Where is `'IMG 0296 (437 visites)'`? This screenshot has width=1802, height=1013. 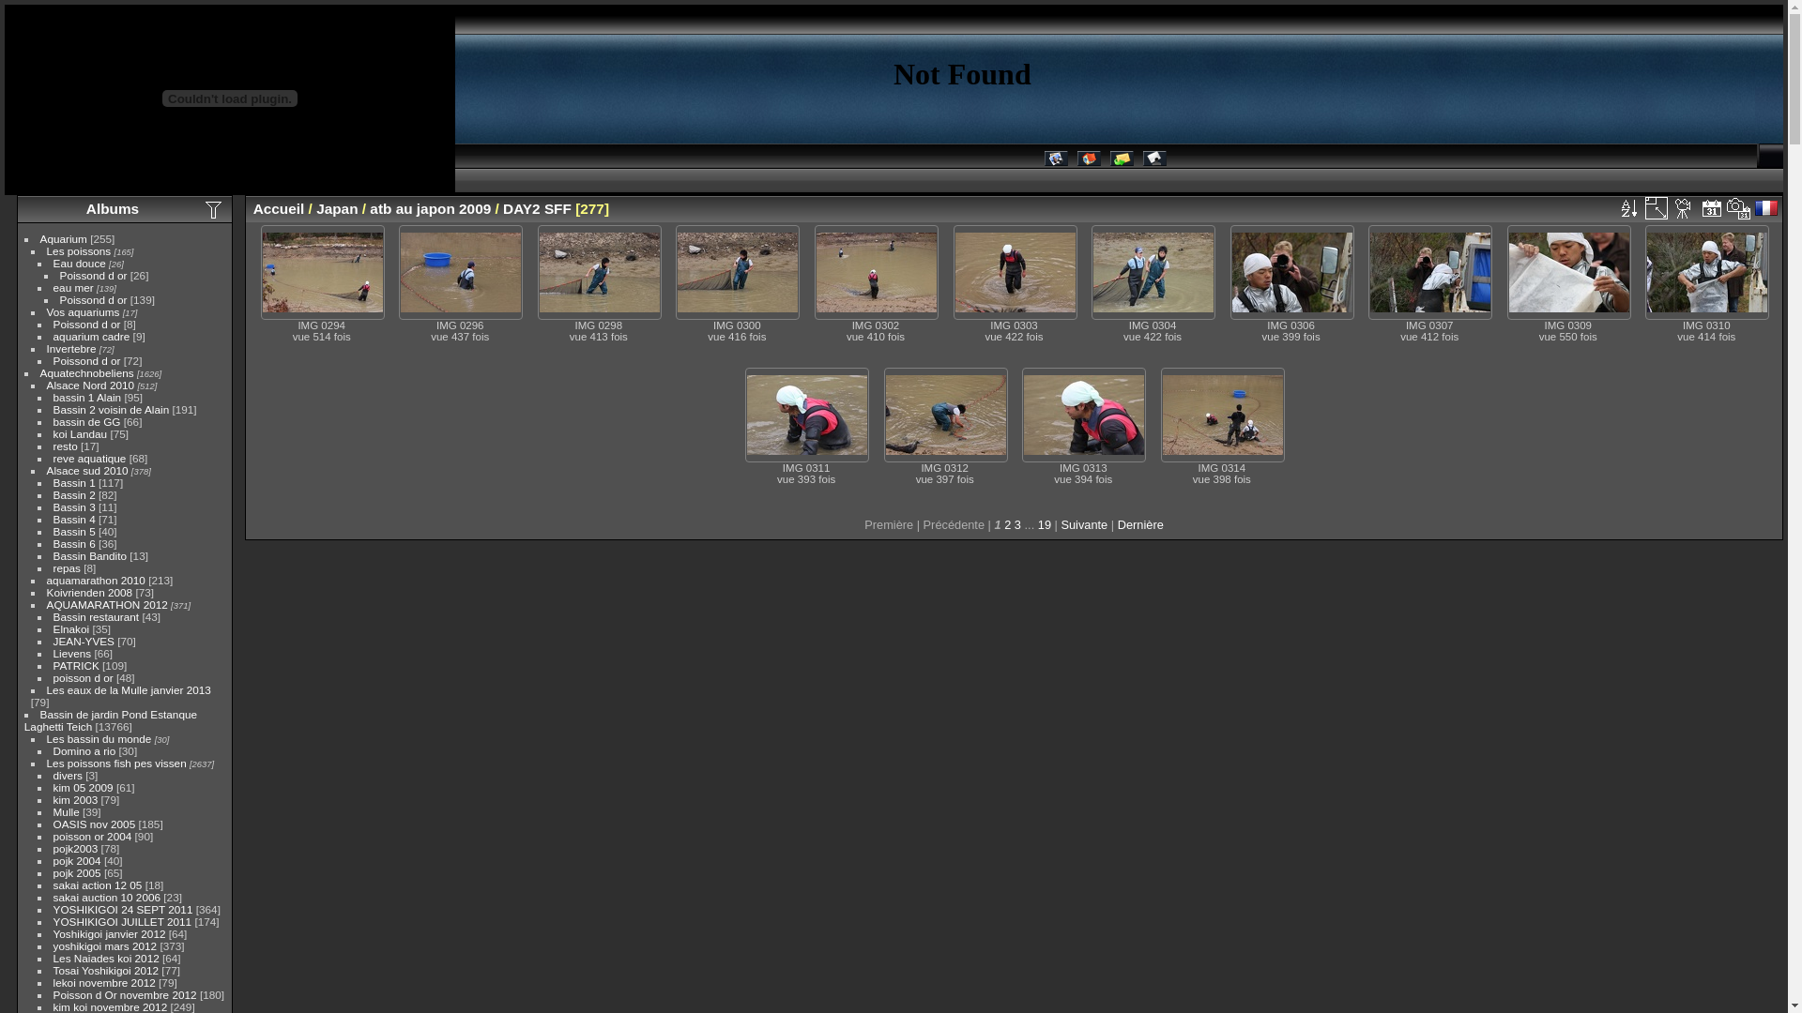
'IMG 0296 (437 visites)' is located at coordinates (460, 272).